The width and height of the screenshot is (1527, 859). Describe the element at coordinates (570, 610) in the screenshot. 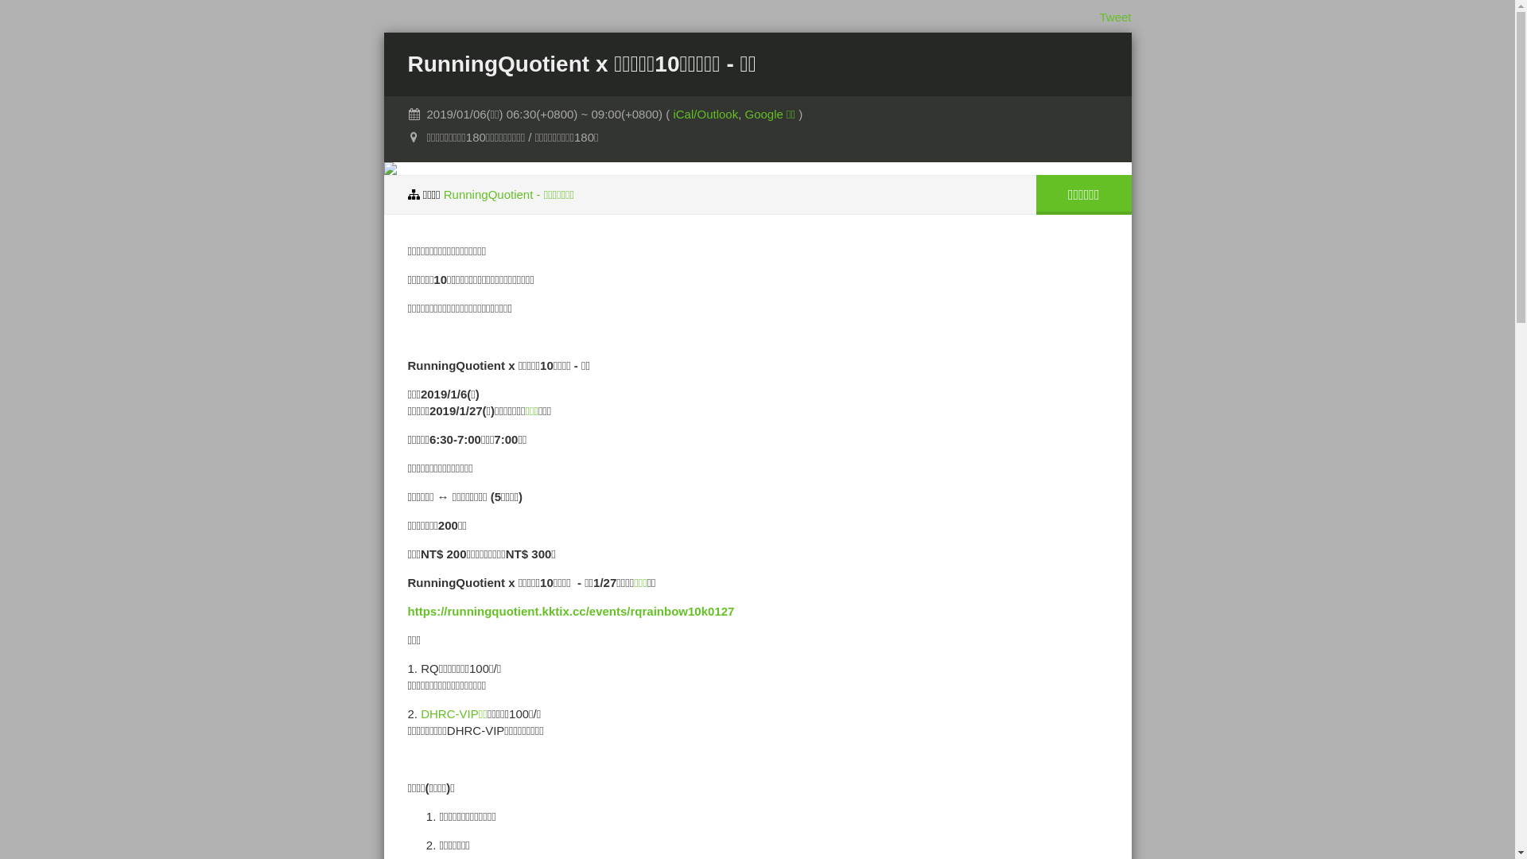

I see `'https://runningquotient.kktix.cc/events/rqrainbow10k0127'` at that location.